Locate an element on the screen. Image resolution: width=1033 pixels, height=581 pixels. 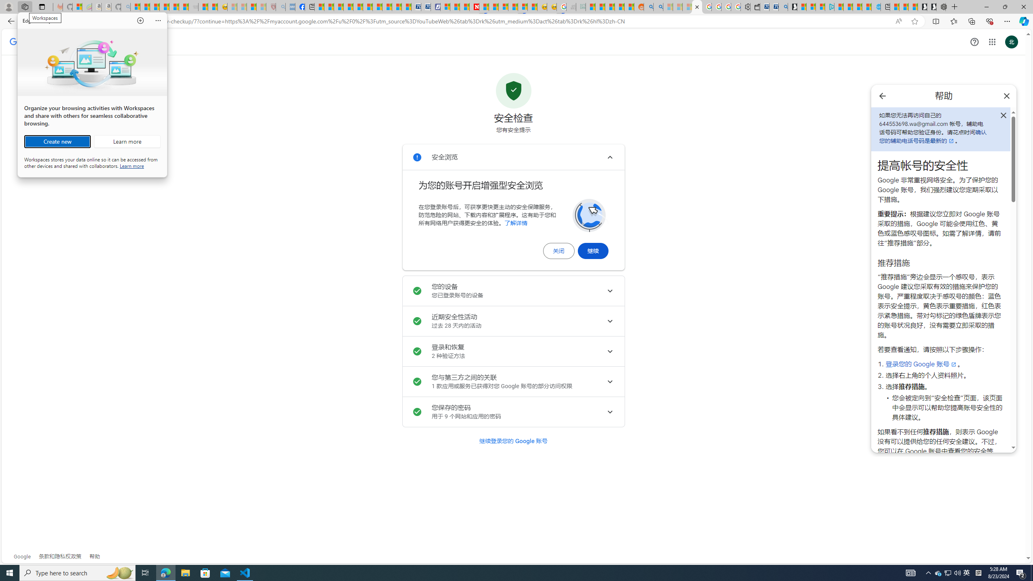
'Visual Studio Code - 1 running window' is located at coordinates (245, 572).